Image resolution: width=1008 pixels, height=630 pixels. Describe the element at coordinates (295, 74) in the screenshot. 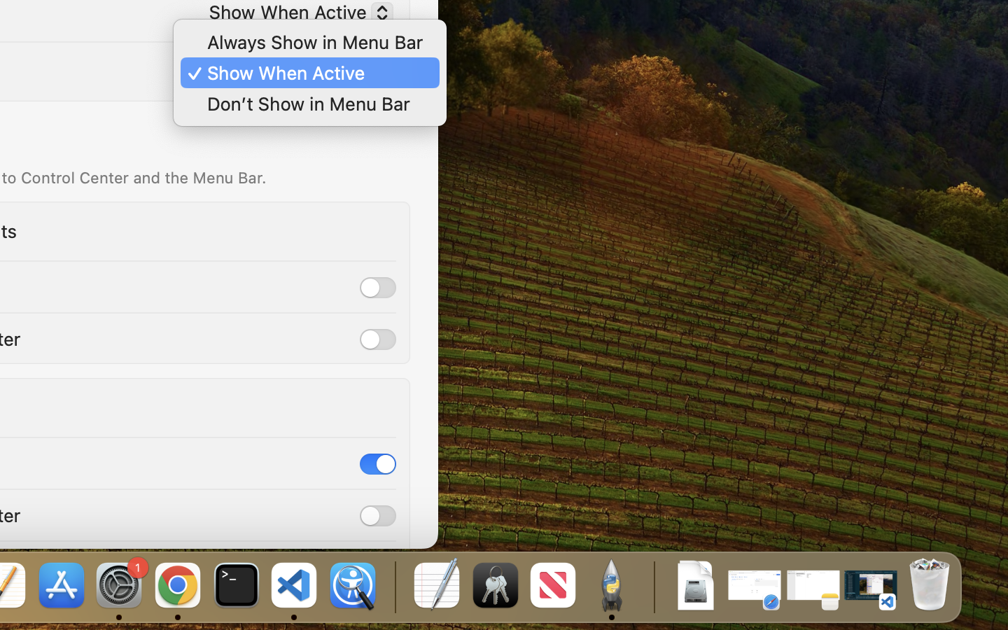

I see `'Show When Active'` at that location.